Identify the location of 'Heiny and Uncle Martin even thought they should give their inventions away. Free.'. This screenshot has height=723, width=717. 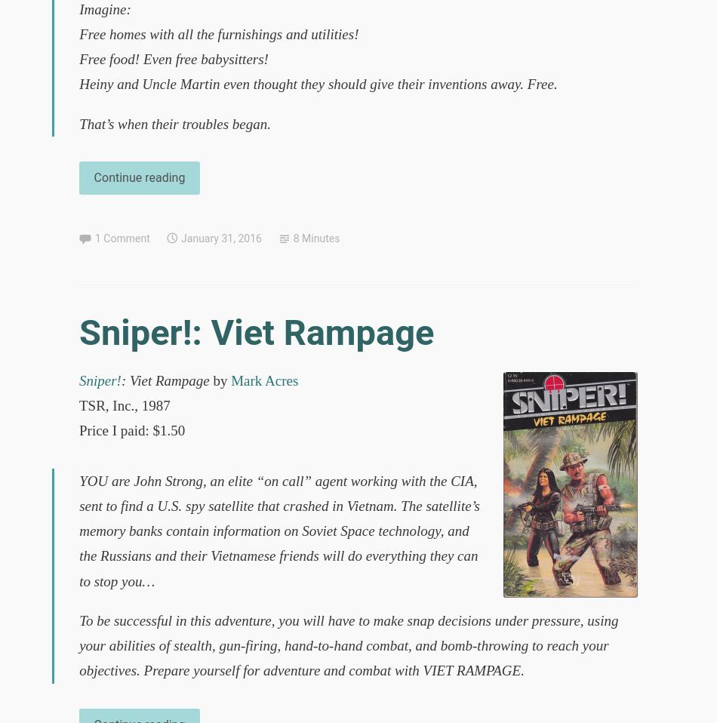
(317, 84).